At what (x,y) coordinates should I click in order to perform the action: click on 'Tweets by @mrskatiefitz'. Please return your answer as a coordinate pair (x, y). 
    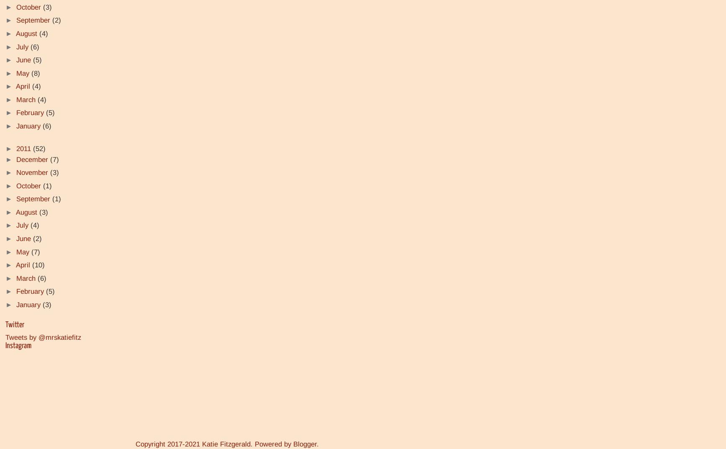
    Looking at the image, I should click on (5, 337).